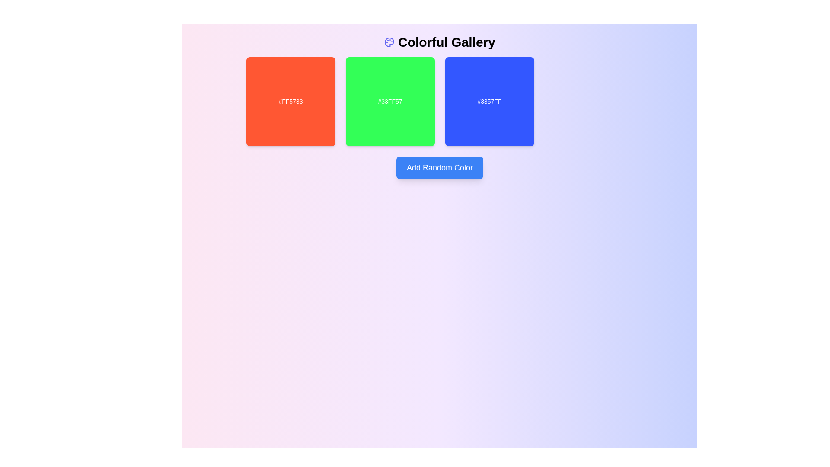 The width and height of the screenshot is (830, 467). What do you see at coordinates (389, 101) in the screenshot?
I see `the Color Display Tile, which is the second square in a horizontal grid representing the color #33FF57, positioned at the center of the row` at bounding box center [389, 101].